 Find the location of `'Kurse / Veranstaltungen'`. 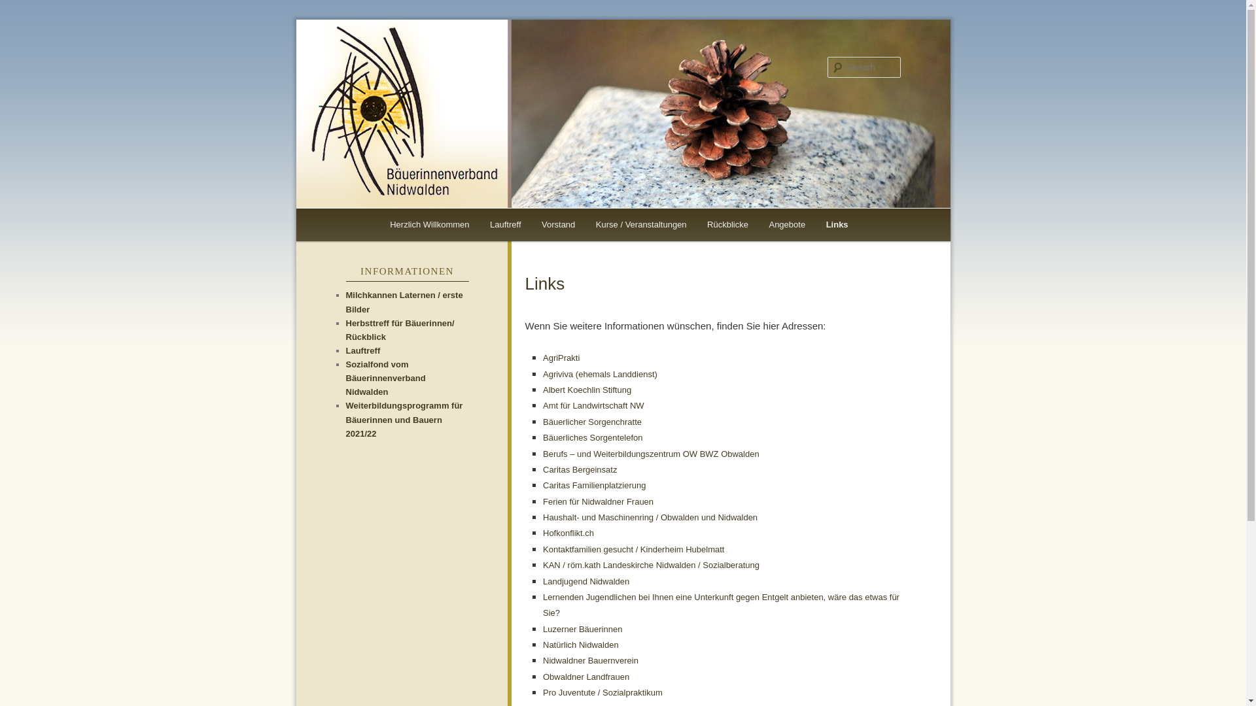

'Kurse / Veranstaltungen' is located at coordinates (640, 224).